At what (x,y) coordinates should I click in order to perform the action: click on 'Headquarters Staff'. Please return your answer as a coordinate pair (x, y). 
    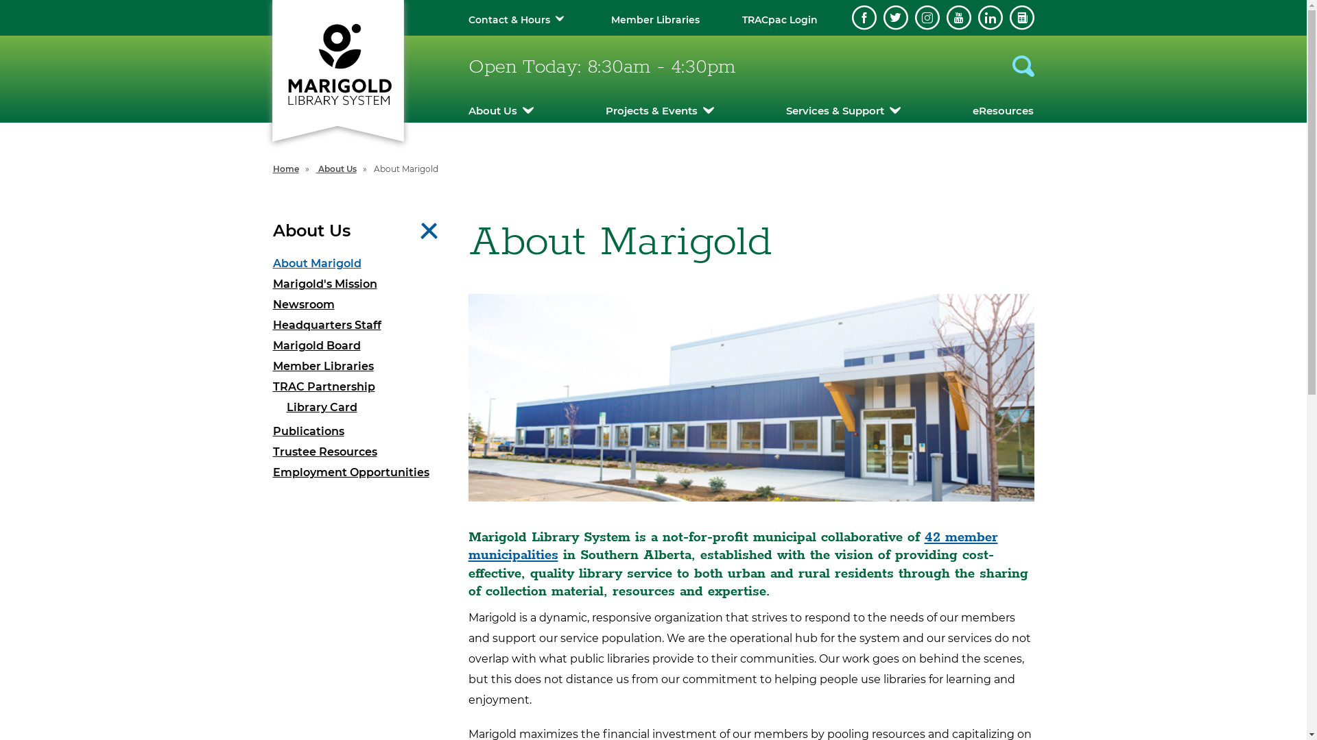
    Looking at the image, I should click on (360, 325).